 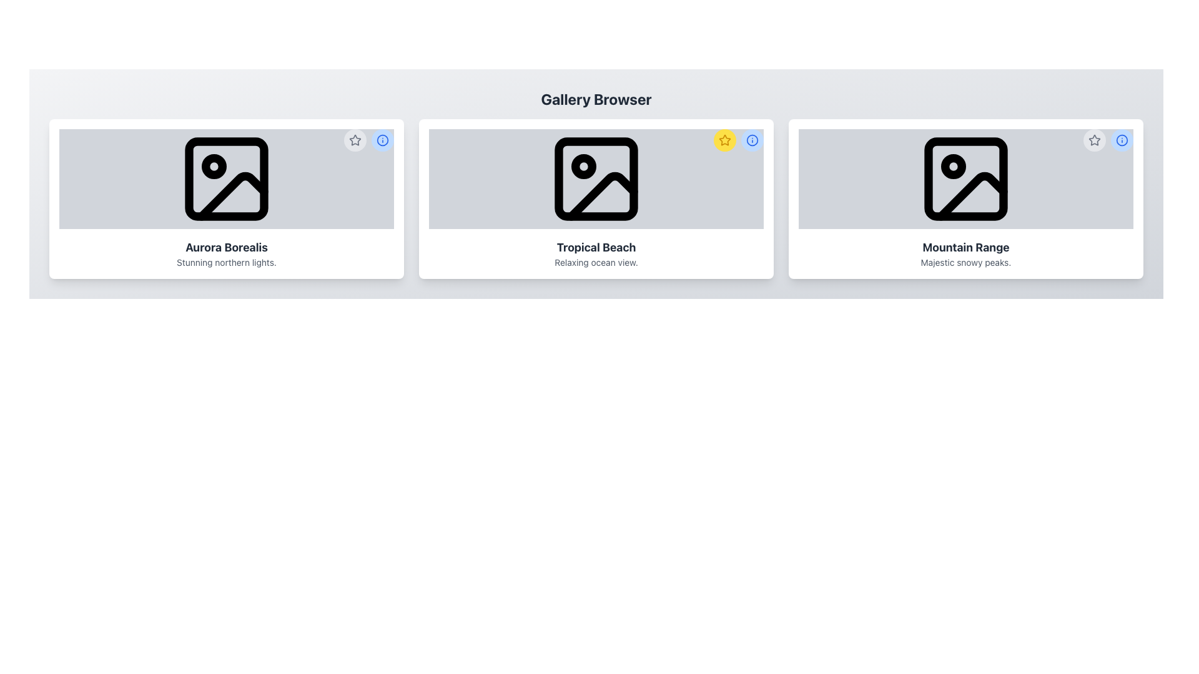 What do you see at coordinates (596, 178) in the screenshot?
I see `the gray square image placeholder icon located in the upper part of the middle card, which is above the text 'Tropical Beach' and 'Relaxing ocean view.'` at bounding box center [596, 178].